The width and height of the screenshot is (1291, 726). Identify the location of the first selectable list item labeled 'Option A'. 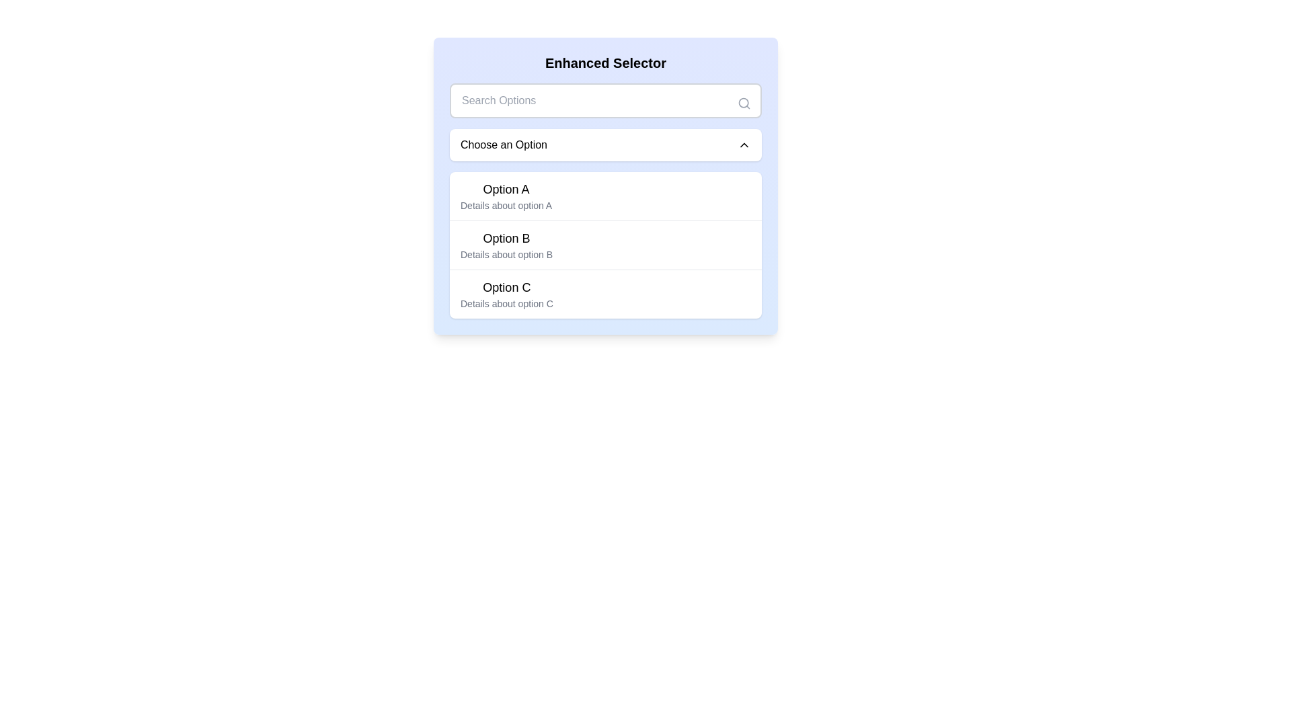
(605, 196).